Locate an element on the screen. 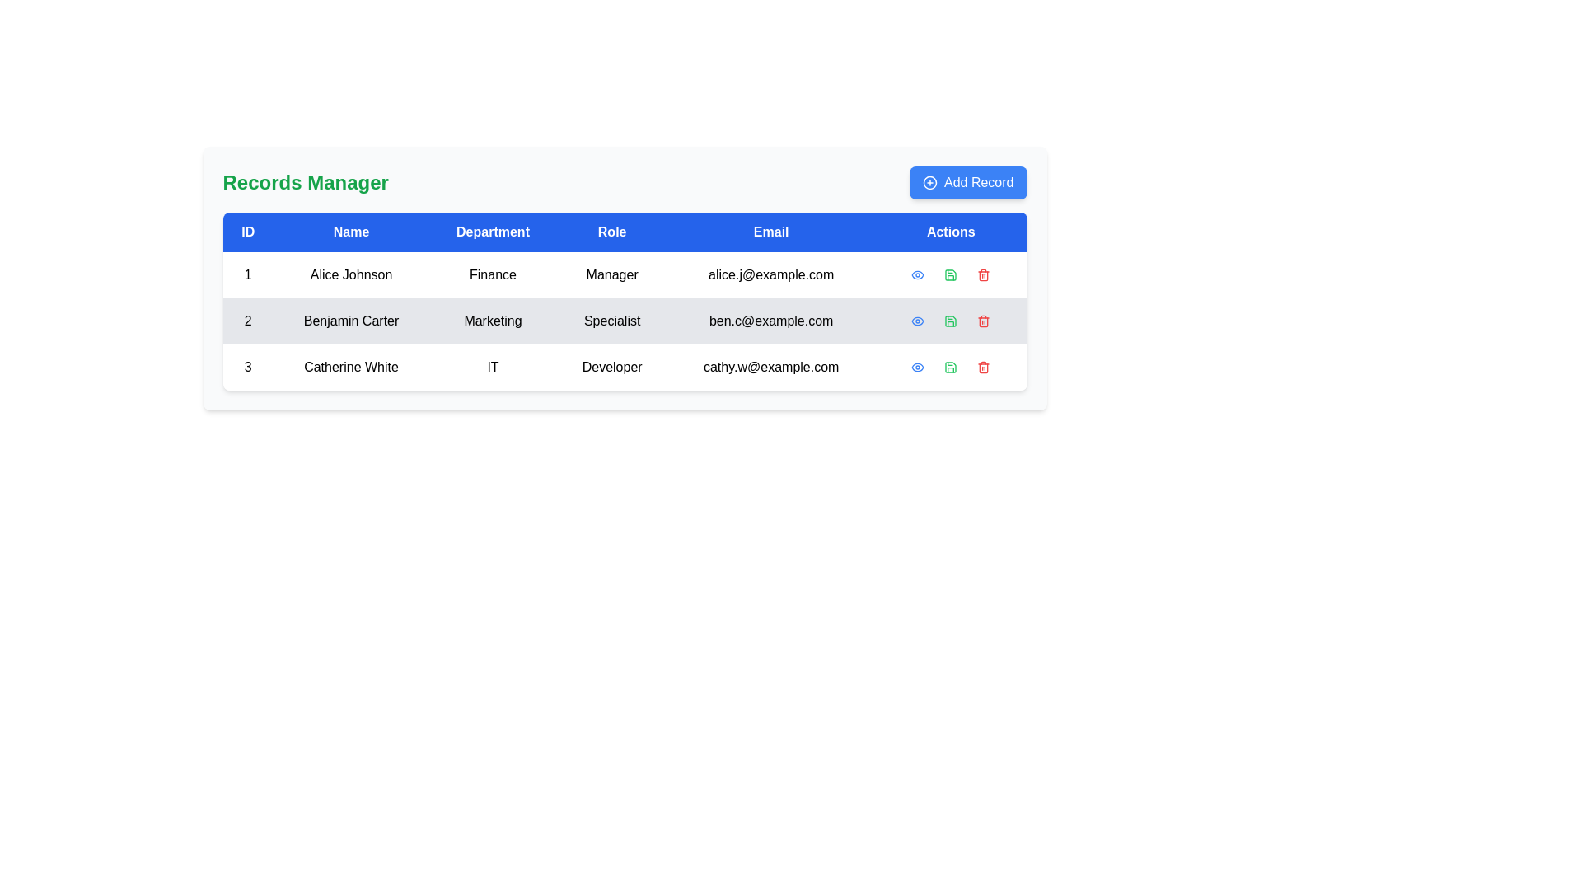  the eye icon in the 'Actions' column of the table for the entry 'Catherine White', which visually indicates a 'view' action is located at coordinates (917, 367).